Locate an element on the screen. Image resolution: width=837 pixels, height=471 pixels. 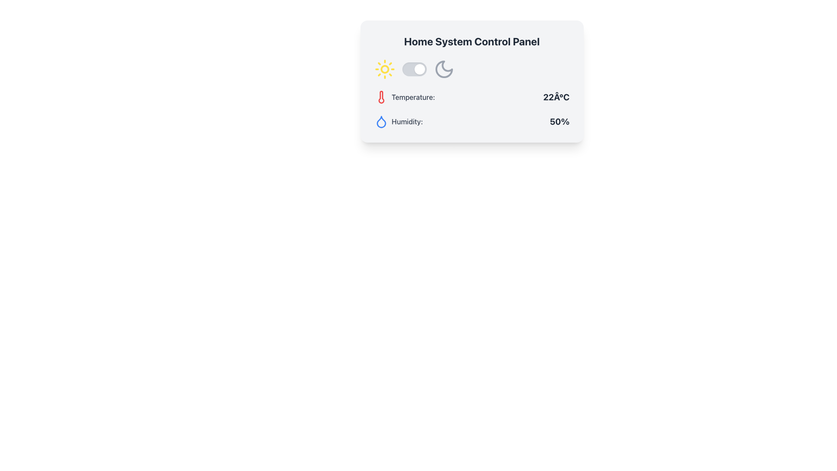
the crescent moon icon representing the 'nighttime' theme in the system control panel, located near the center of the control panel interface is located at coordinates (444, 68).